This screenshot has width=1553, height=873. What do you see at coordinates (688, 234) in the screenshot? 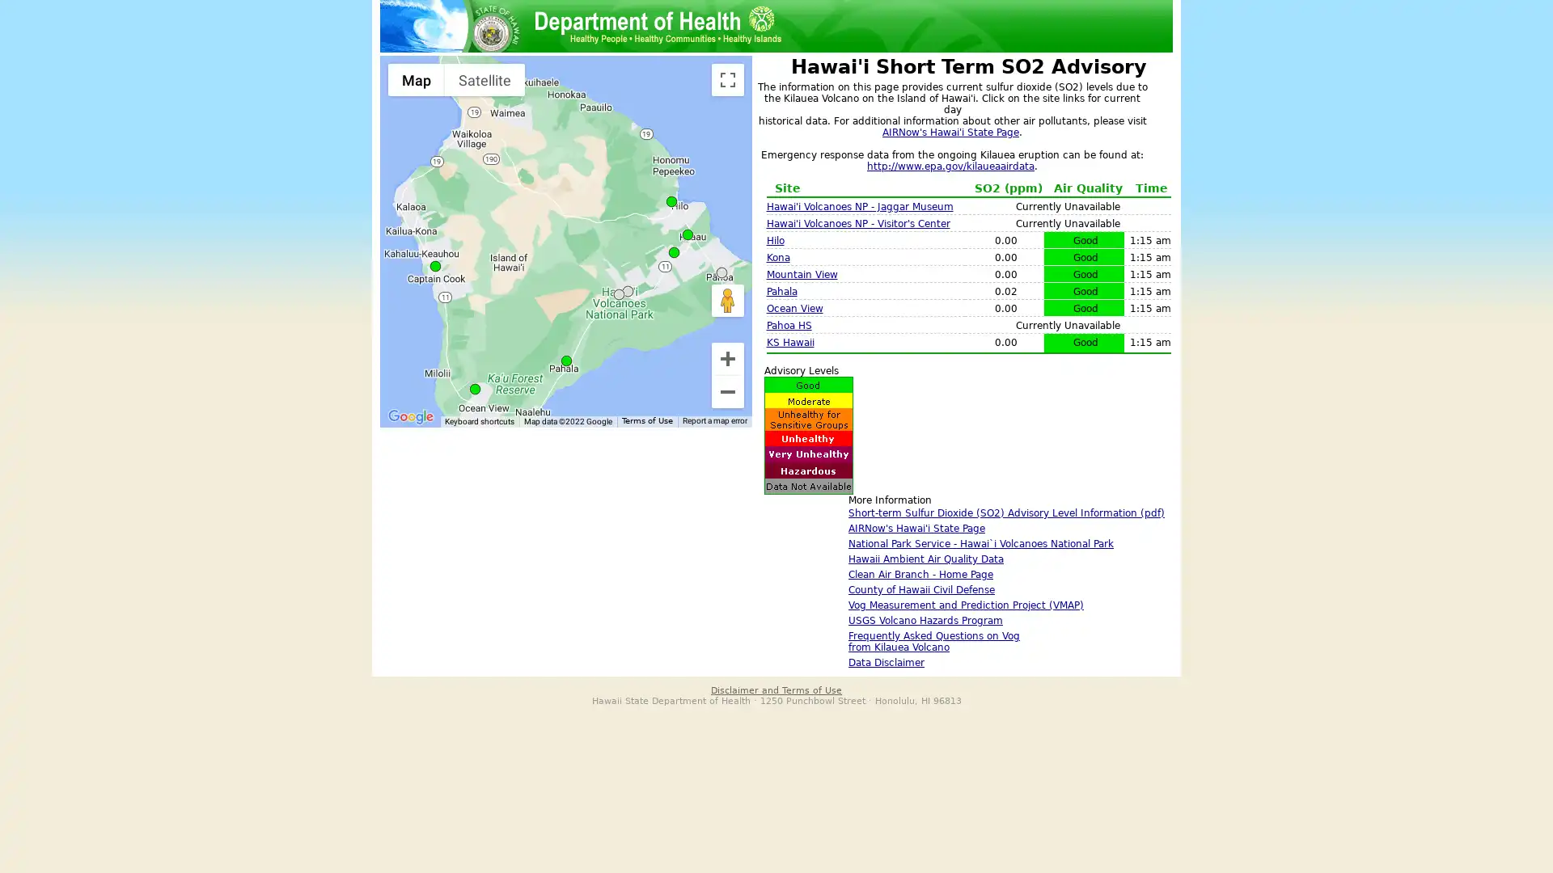
I see `KS Hawaii: SO2 0.00 ppm (Good) on 06/28 at 01:15 am` at bounding box center [688, 234].